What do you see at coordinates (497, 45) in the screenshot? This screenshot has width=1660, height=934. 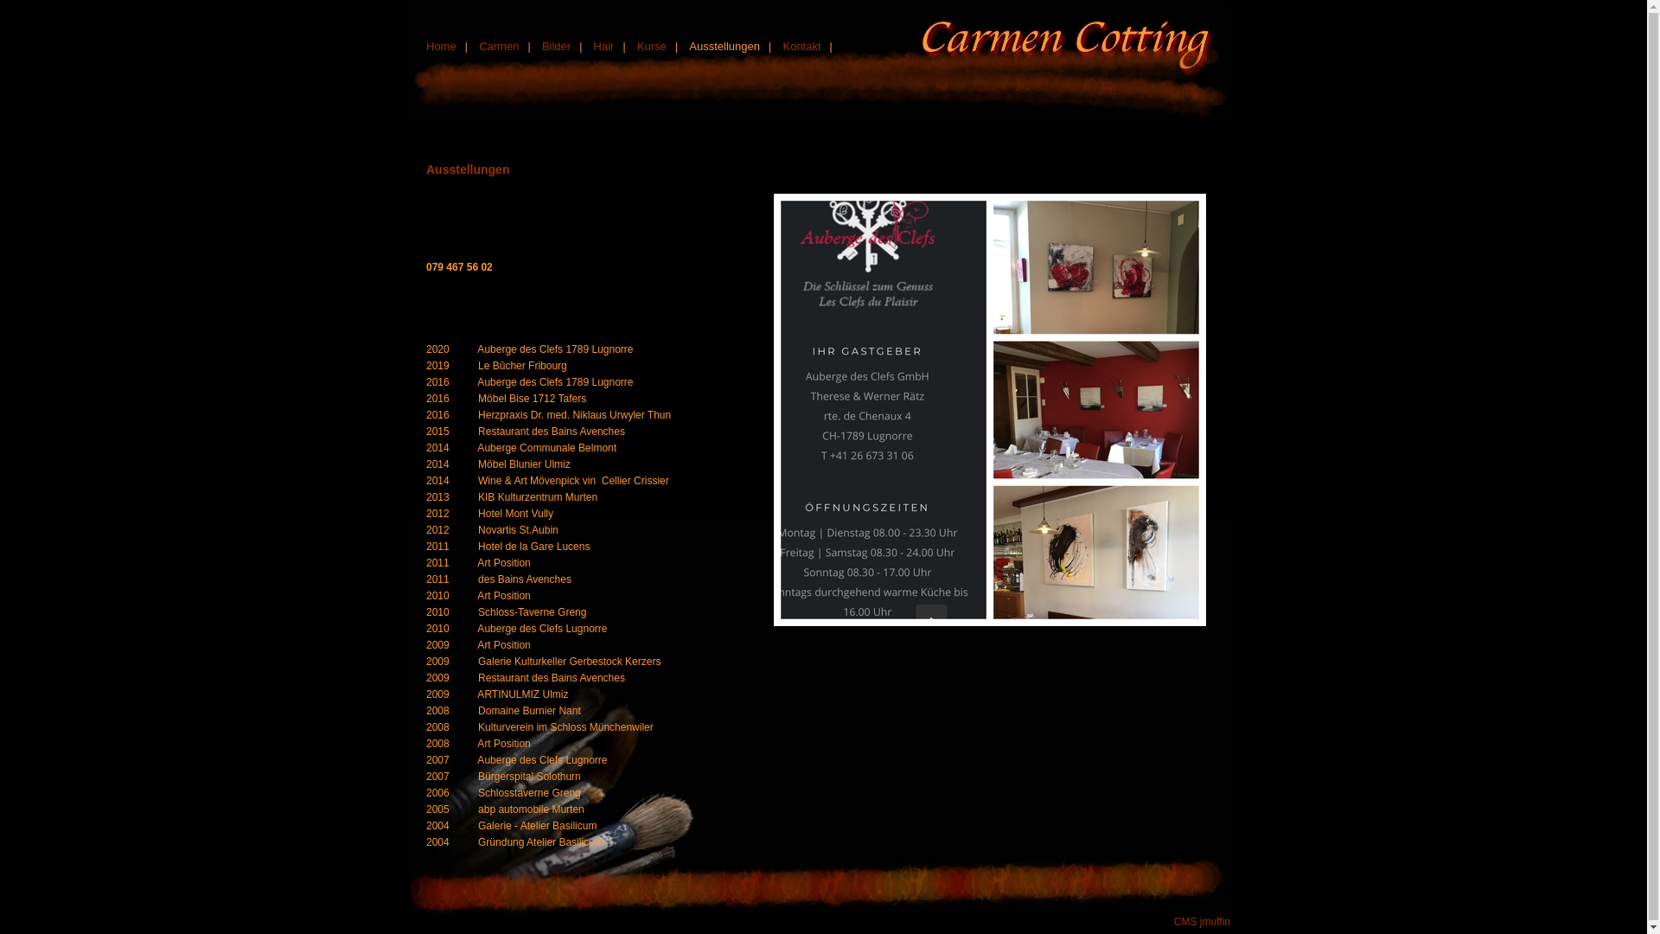 I see `'Carmen'` at bounding box center [497, 45].